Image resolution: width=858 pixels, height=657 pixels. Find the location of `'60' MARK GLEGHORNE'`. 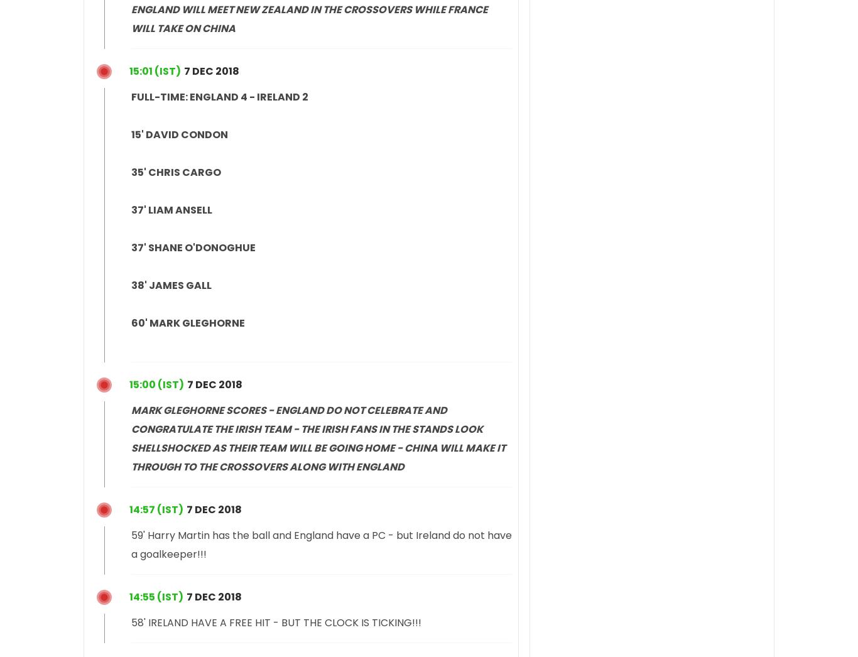

'60' MARK GLEGHORNE' is located at coordinates (130, 322).